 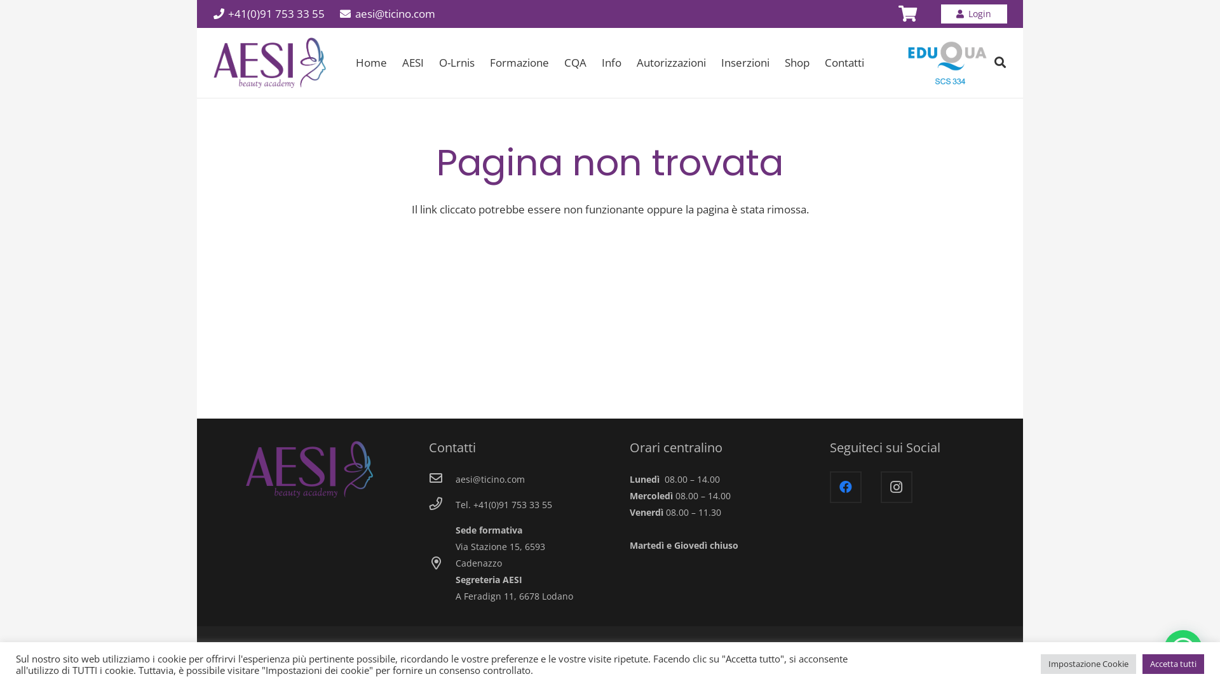 I want to click on 'Accetta tutti', so click(x=1142, y=663).